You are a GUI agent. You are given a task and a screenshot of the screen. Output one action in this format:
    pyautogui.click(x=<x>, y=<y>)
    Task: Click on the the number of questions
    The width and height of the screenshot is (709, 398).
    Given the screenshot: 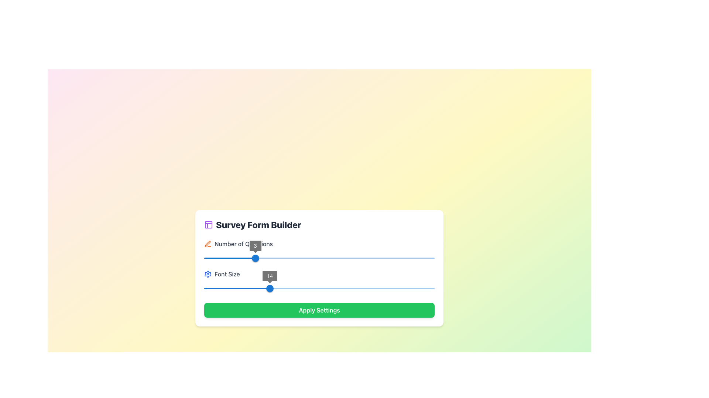 What is the action you would take?
    pyautogui.click(x=221, y=258)
    